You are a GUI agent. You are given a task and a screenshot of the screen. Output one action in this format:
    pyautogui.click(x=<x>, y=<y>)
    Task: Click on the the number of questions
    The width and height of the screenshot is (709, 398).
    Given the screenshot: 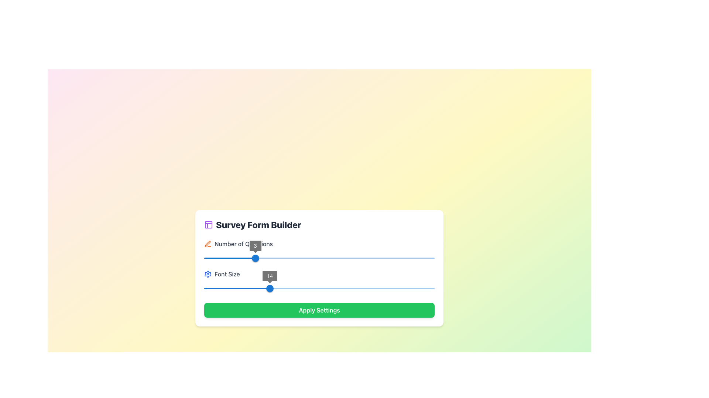 What is the action you would take?
    pyautogui.click(x=221, y=258)
    